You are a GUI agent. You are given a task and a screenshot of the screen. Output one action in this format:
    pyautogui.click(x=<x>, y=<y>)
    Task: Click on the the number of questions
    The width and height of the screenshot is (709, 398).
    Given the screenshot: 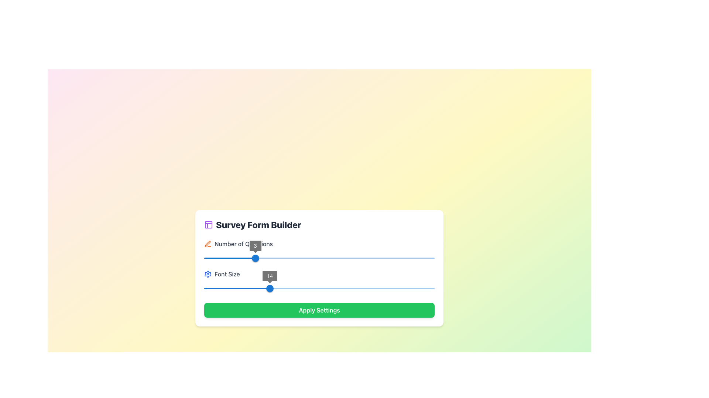 What is the action you would take?
    pyautogui.click(x=221, y=258)
    